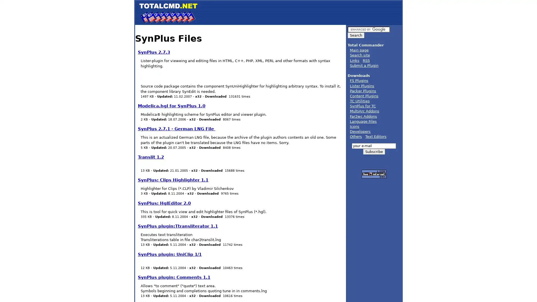  I want to click on Search, so click(355, 35).